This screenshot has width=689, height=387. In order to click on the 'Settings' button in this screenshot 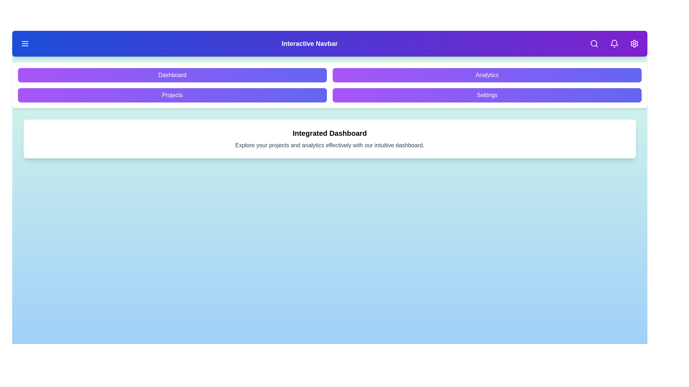, I will do `click(487, 95)`.